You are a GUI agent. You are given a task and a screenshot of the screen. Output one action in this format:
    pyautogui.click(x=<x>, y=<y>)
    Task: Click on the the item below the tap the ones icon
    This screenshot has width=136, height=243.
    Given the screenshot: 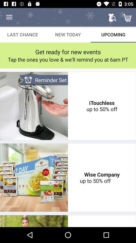 What is the action you would take?
    pyautogui.click(x=102, y=106)
    